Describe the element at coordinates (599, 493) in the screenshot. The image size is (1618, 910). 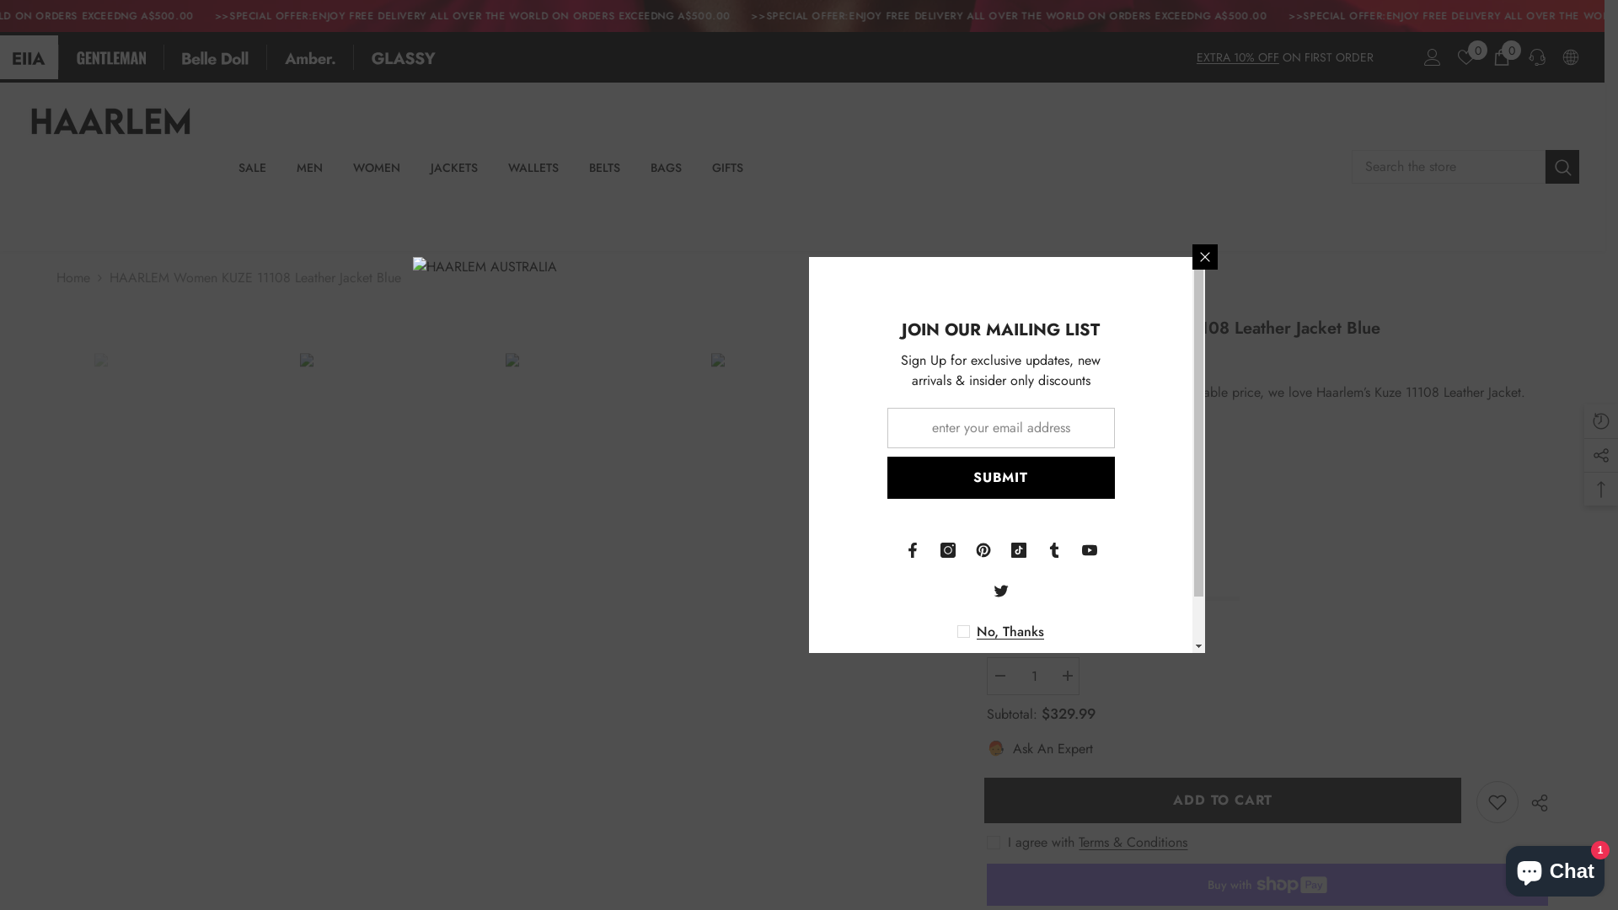
I see `'HAARLEM Women KUZE 11108 Leather Jacket Blue'` at that location.